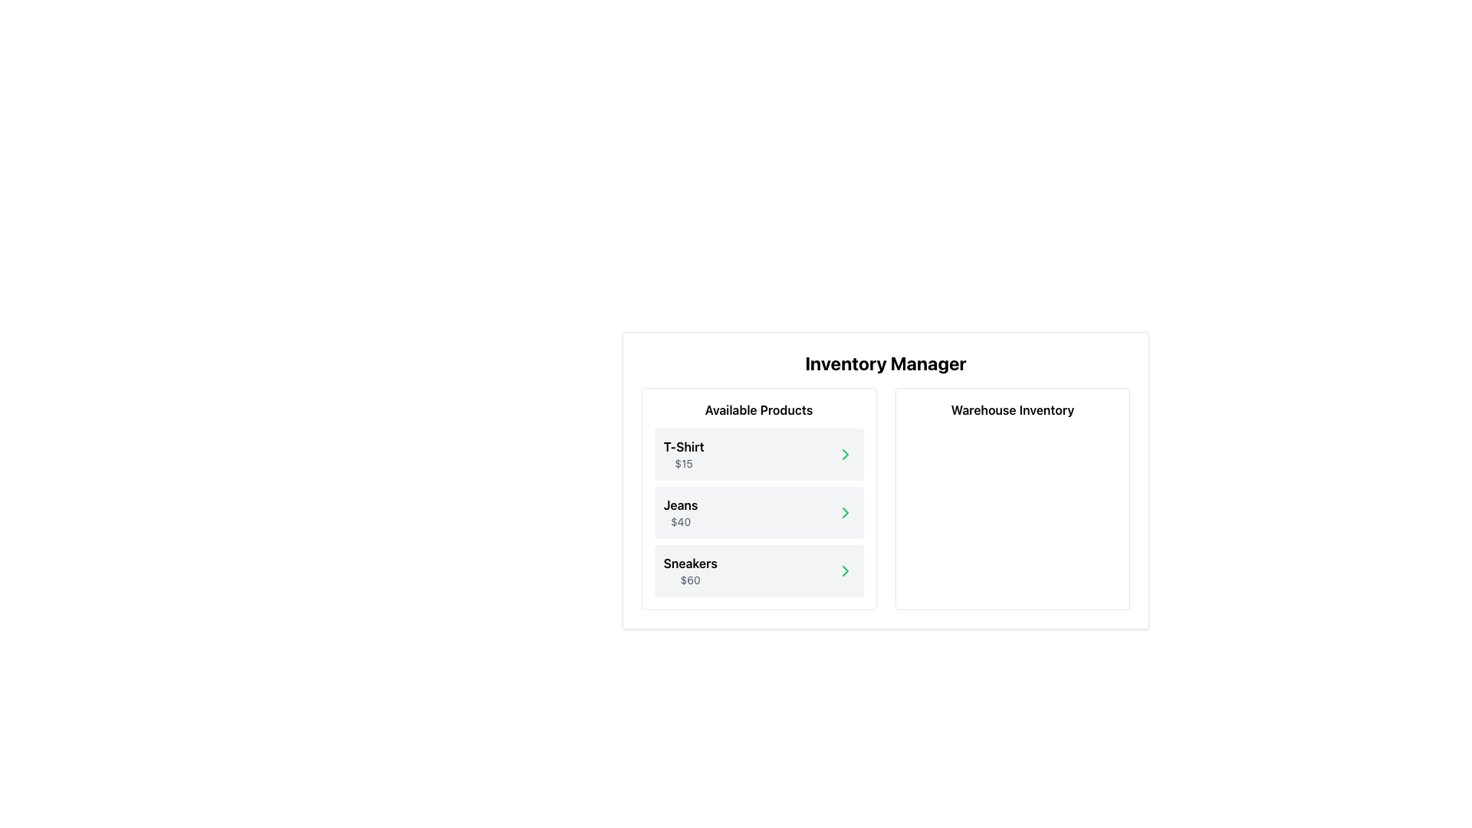 The width and height of the screenshot is (1472, 828). I want to click on text from the 'Inventory Manager' header located at the top of the interface section, which serves as the title for the dashboard, so click(886, 363).